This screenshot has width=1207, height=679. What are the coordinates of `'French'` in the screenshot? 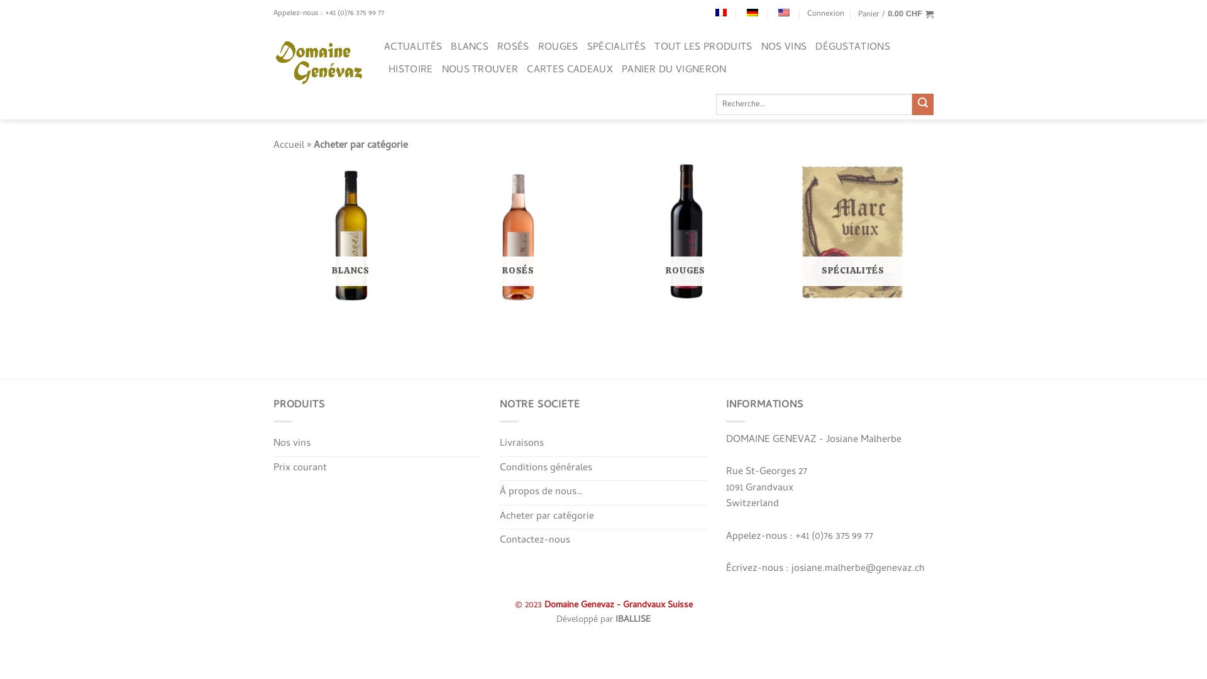 It's located at (715, 12).